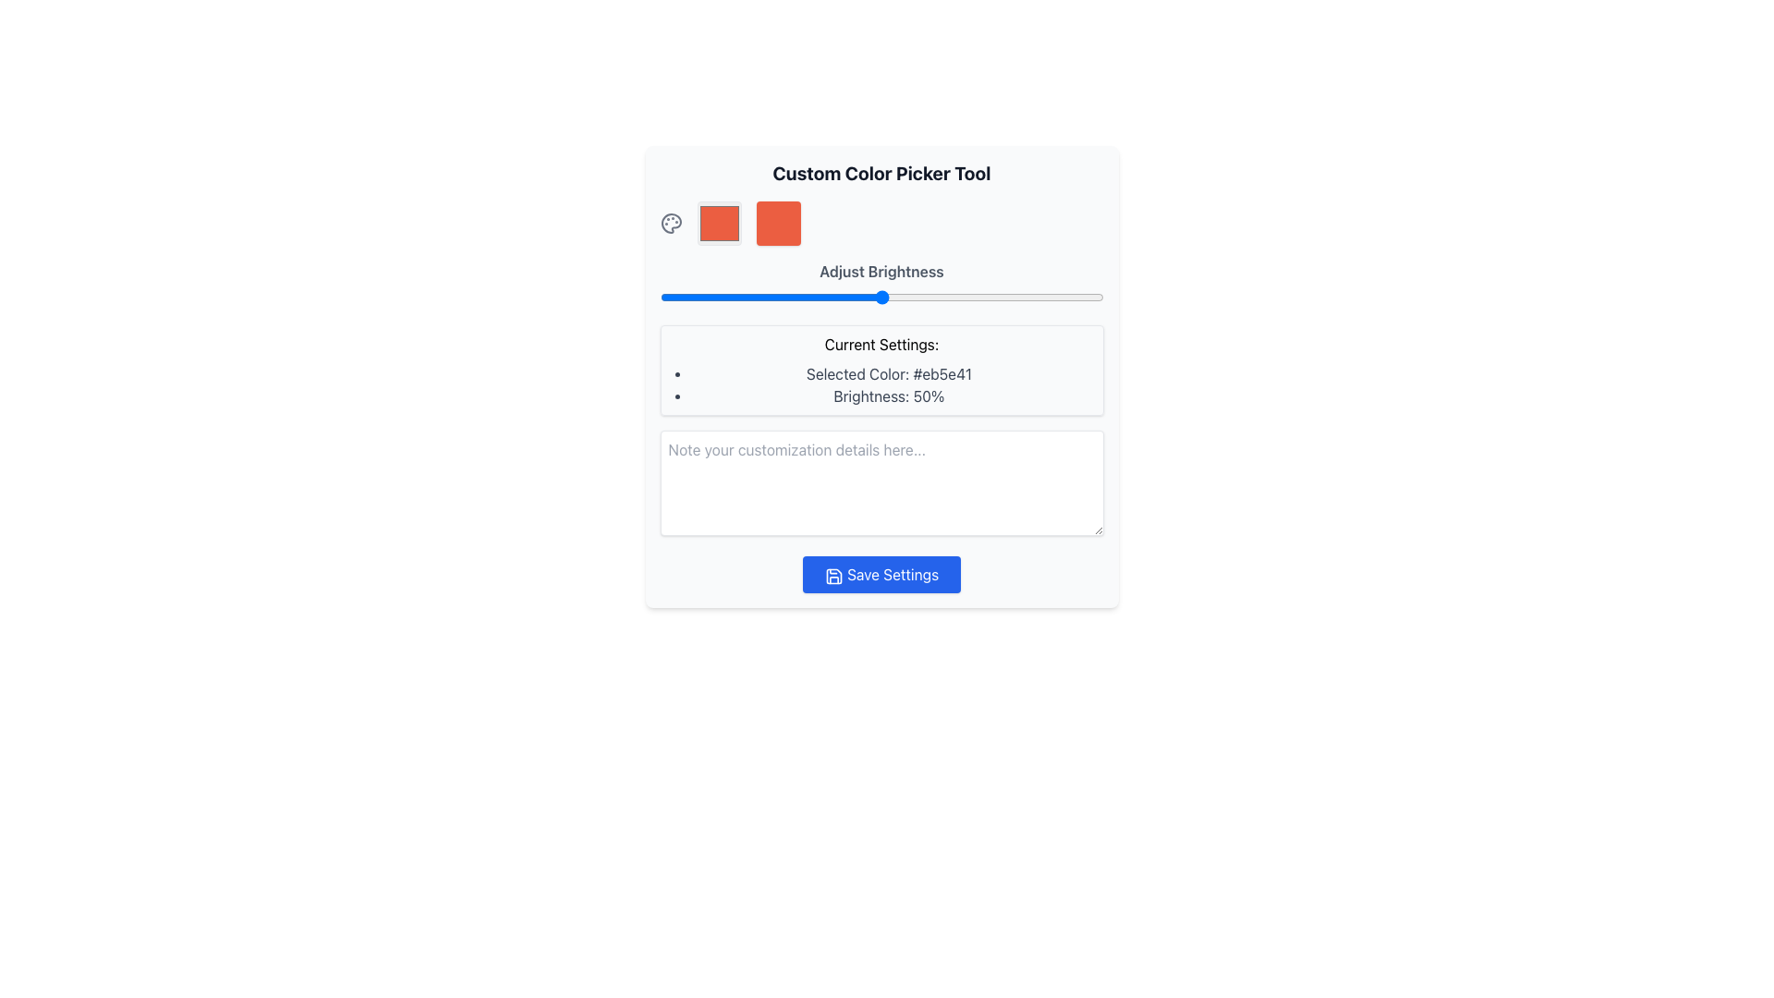 This screenshot has width=1774, height=998. Describe the element at coordinates (889, 395) in the screenshot. I see `the text label displaying 'Brightness: 50%' located under 'Current Settings' in the bulleted list` at that location.